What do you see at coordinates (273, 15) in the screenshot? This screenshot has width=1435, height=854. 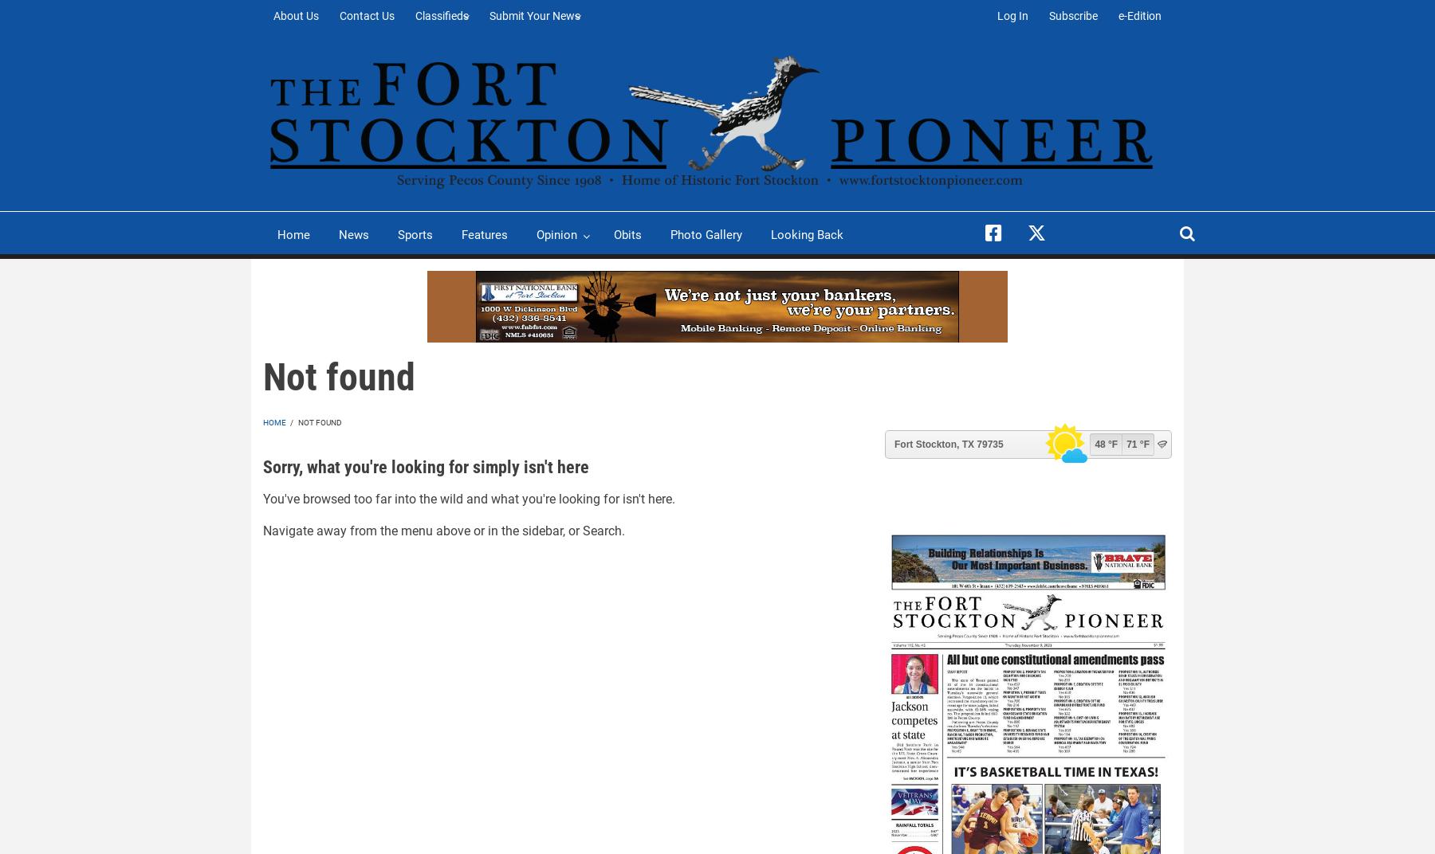 I see `'About Us'` at bounding box center [273, 15].